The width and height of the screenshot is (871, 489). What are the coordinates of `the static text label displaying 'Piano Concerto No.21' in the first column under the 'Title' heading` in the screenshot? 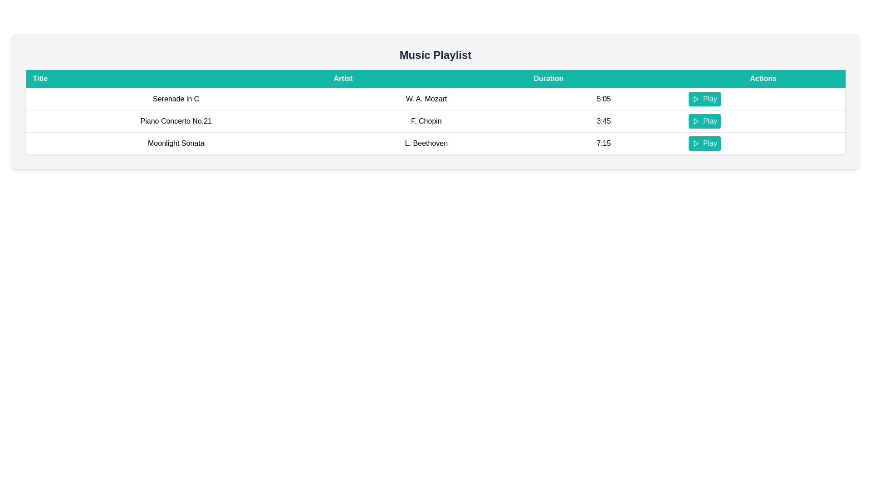 It's located at (176, 120).